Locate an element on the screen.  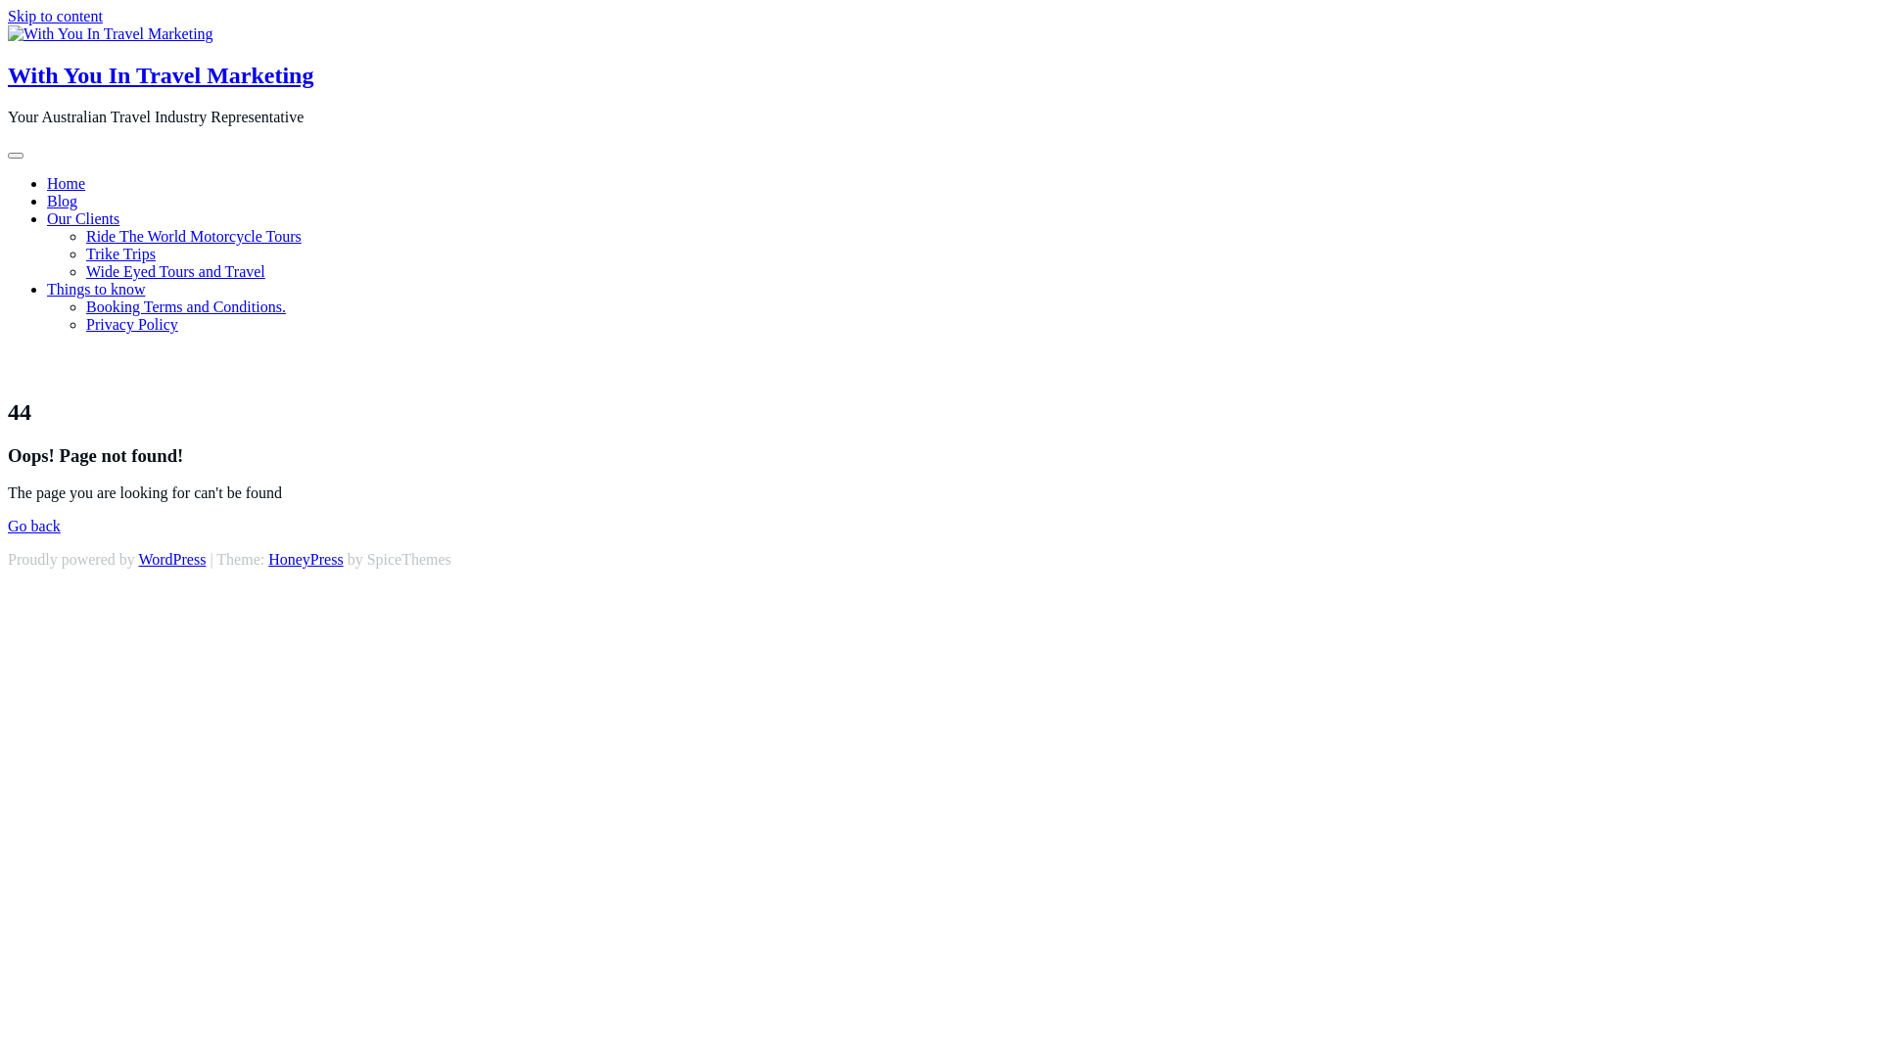
'WordPress' is located at coordinates (171, 559).